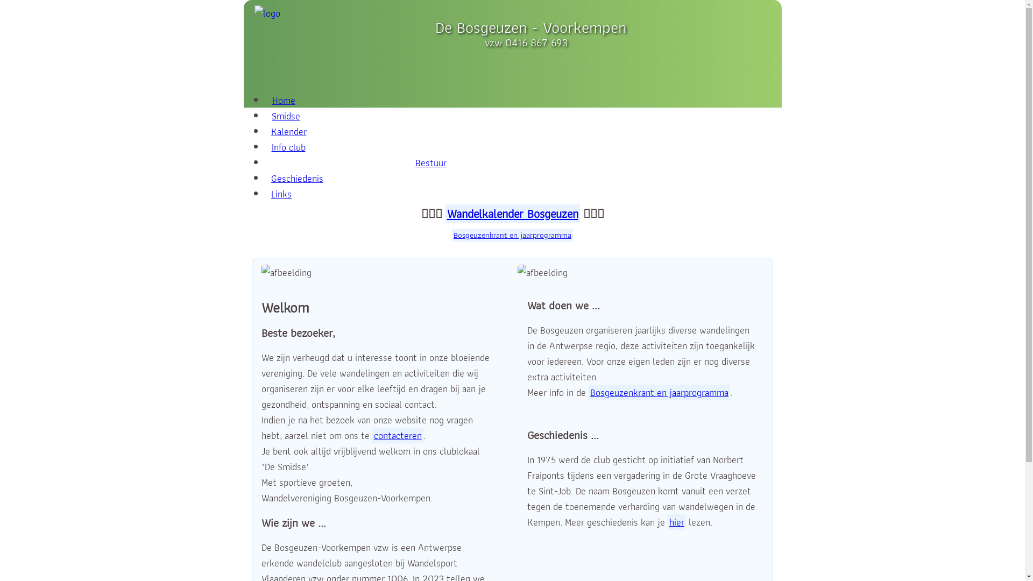 This screenshot has height=581, width=1033. I want to click on 'Geschiedenis', so click(297, 178).